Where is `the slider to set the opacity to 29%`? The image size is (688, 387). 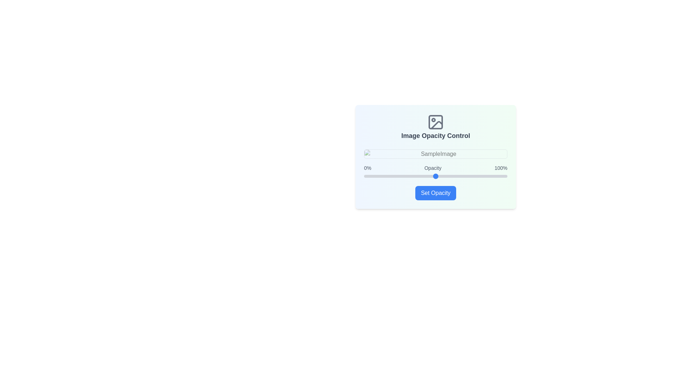 the slider to set the opacity to 29% is located at coordinates (406, 176).